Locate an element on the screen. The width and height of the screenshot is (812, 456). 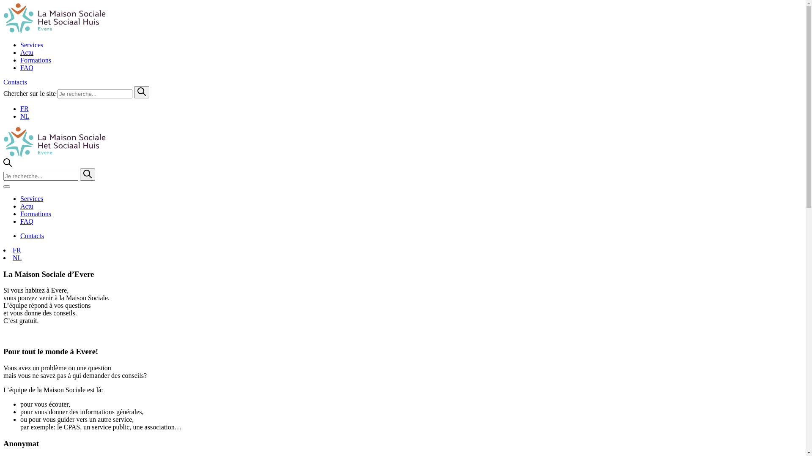
'Formations' is located at coordinates (35, 60).